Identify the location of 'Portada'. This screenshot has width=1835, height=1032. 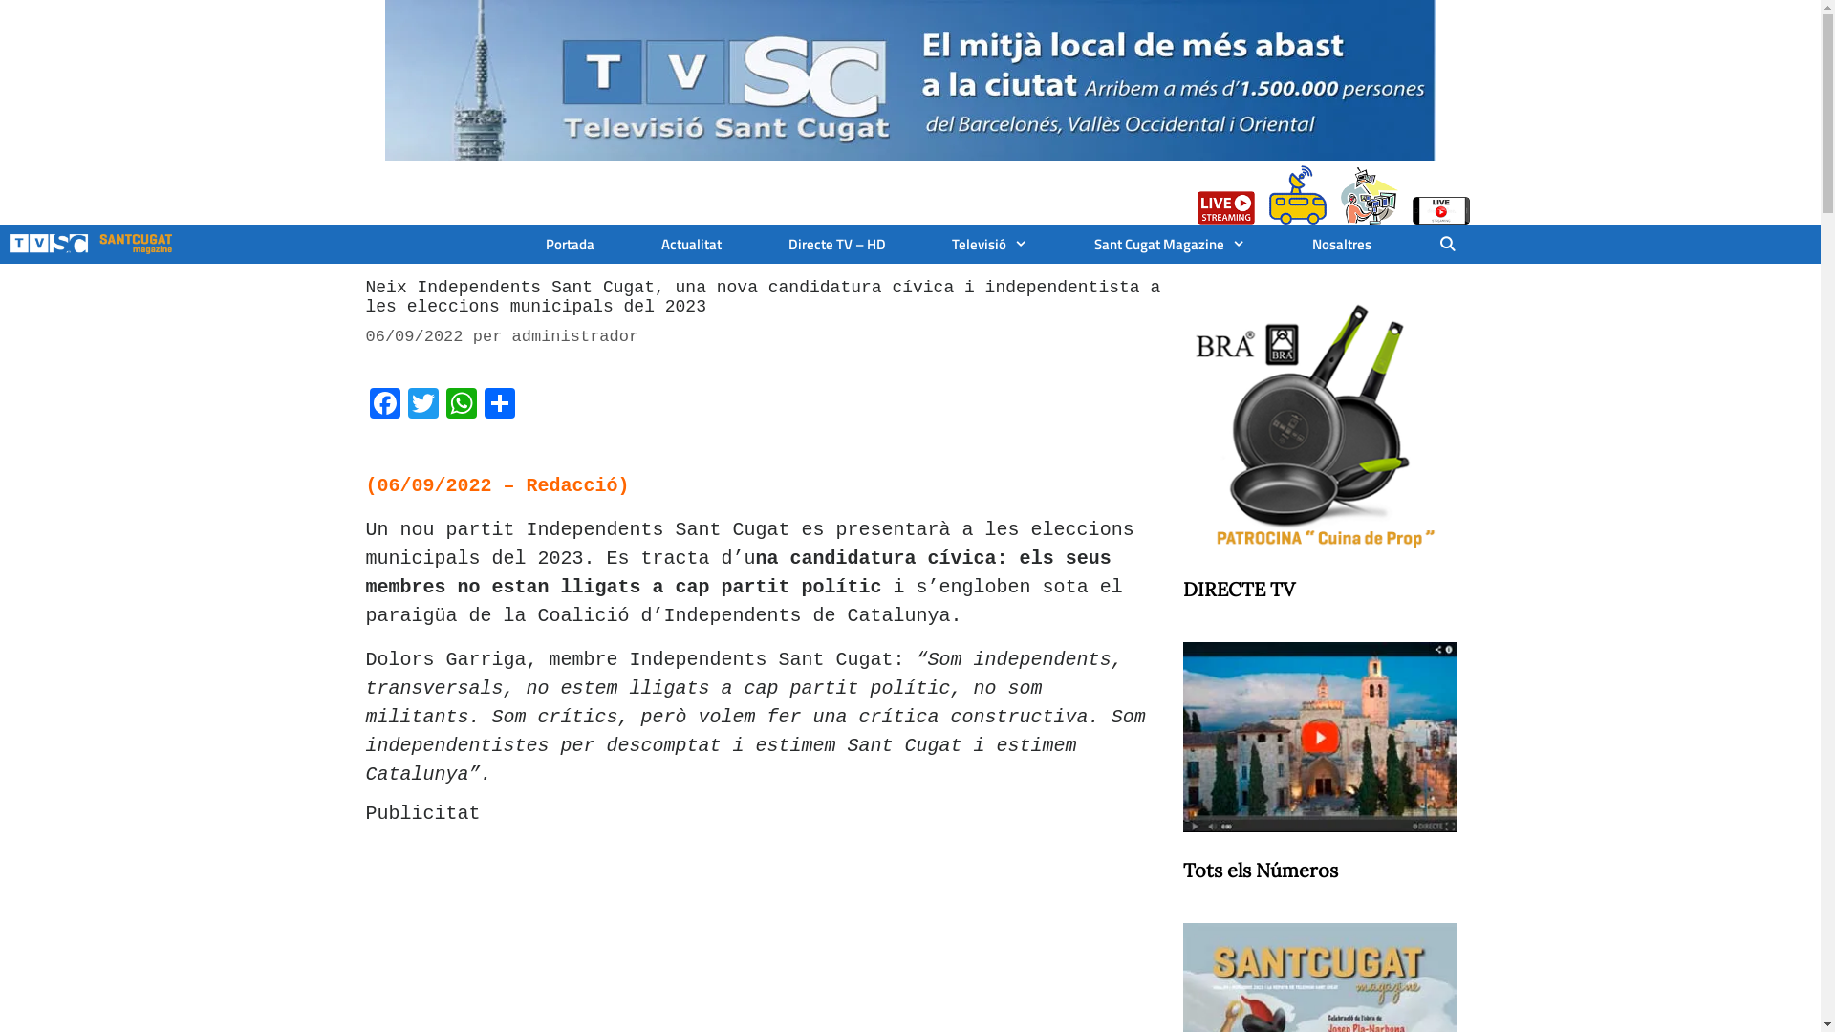
(569, 243).